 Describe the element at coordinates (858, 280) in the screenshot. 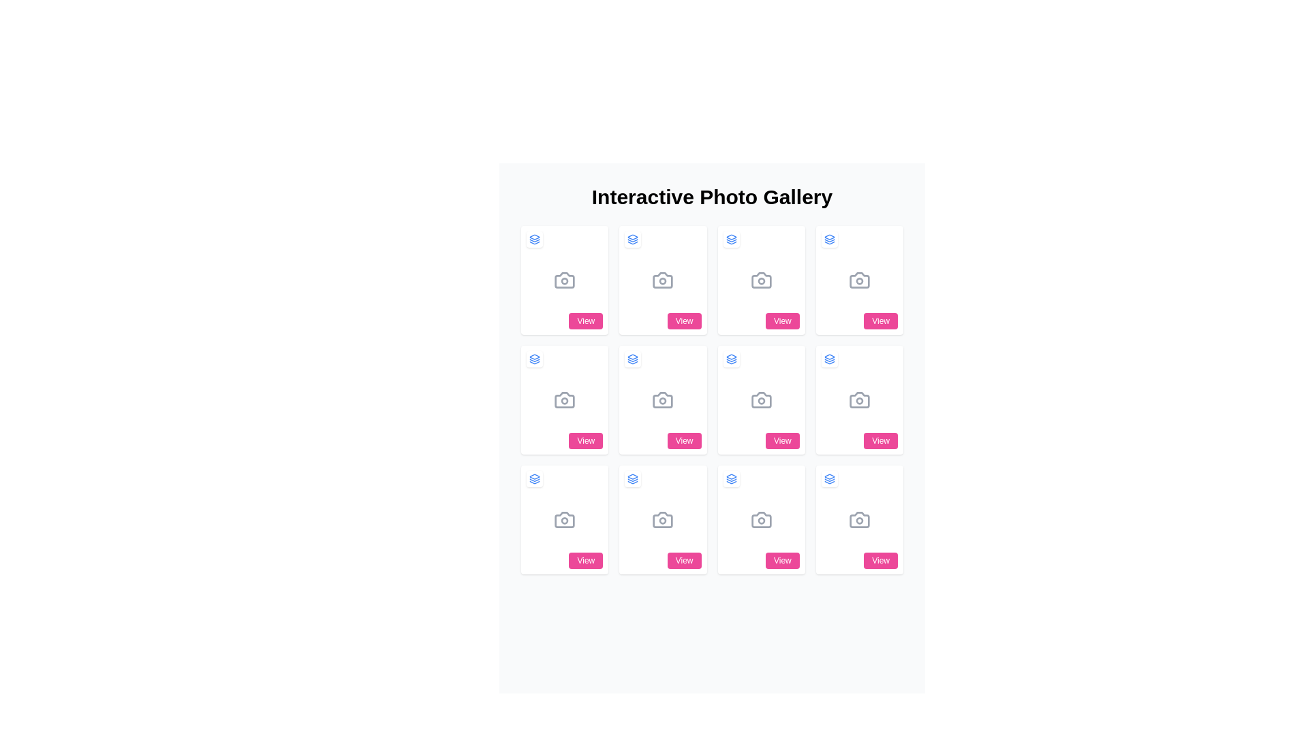

I see `the camera SVG icon located in the fourth column of the first row, which serves as an upload or image selection placeholder` at that location.